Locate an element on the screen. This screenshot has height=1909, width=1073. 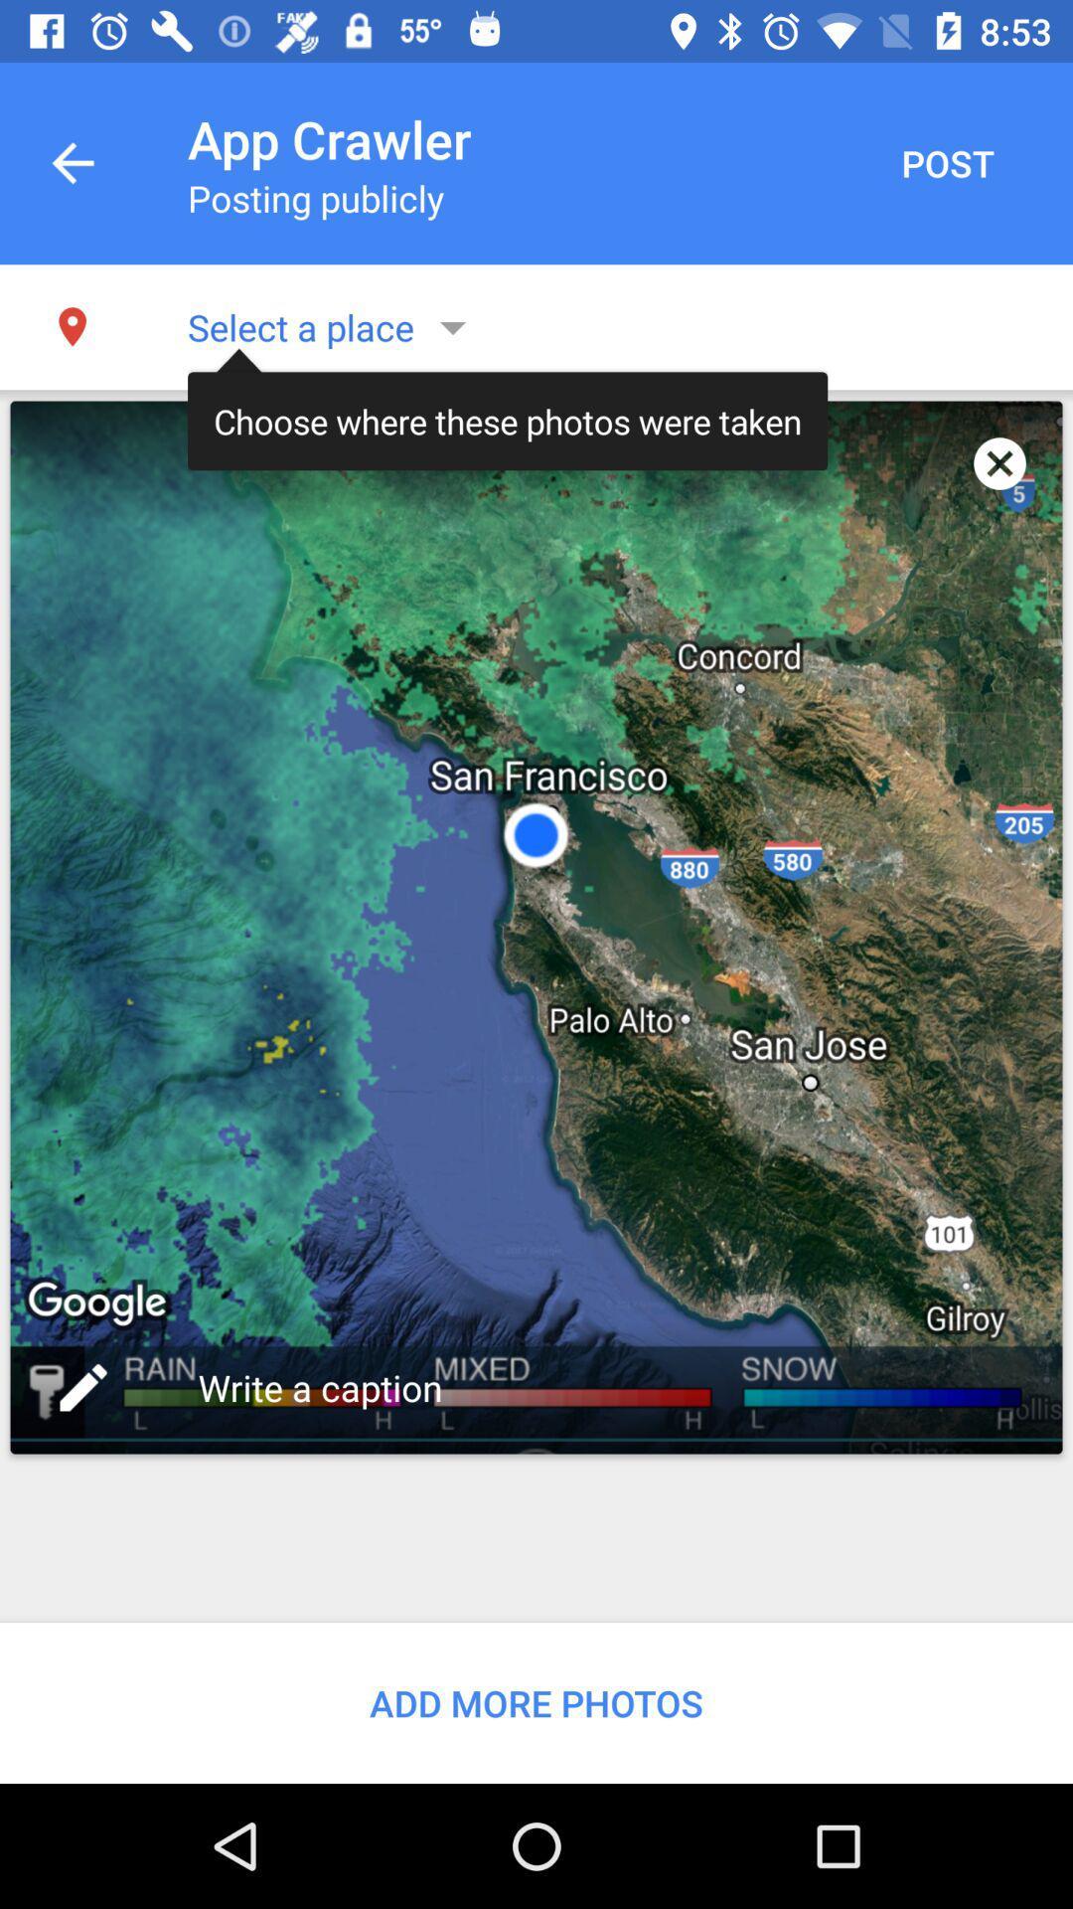
app to the right of the choose where these app is located at coordinates (999, 462).